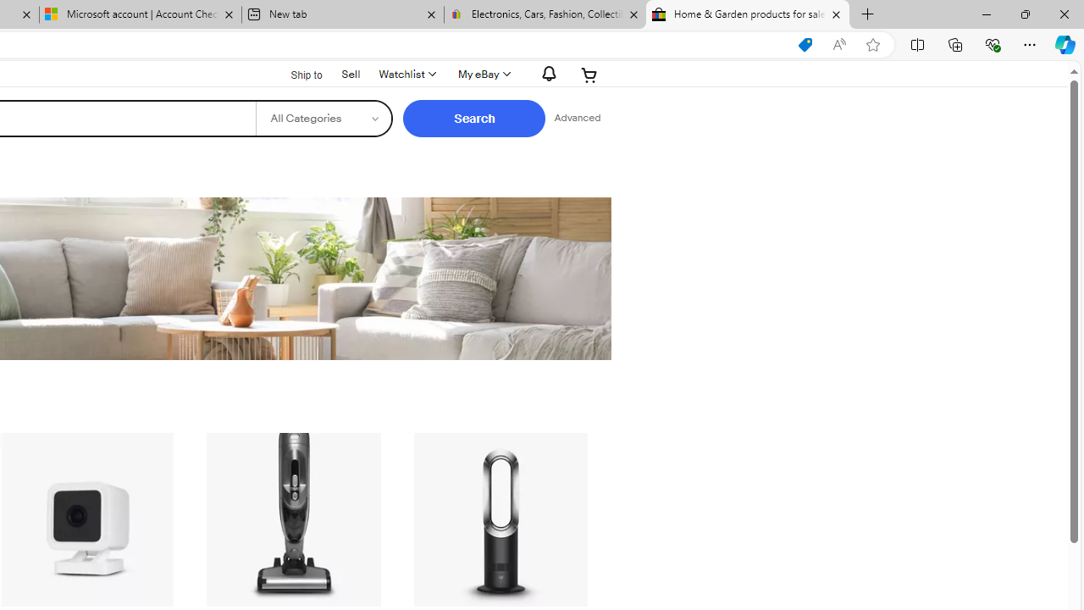  Describe the element at coordinates (747, 14) in the screenshot. I see `'Home & Garden products for sale | eBay'` at that location.